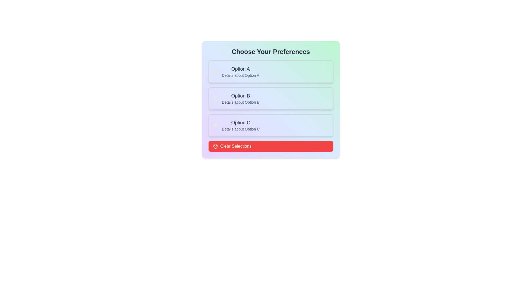  What do you see at coordinates (240, 122) in the screenshot?
I see `the title label for the third choice box labeled 'Option C' in the preference selection interface` at bounding box center [240, 122].